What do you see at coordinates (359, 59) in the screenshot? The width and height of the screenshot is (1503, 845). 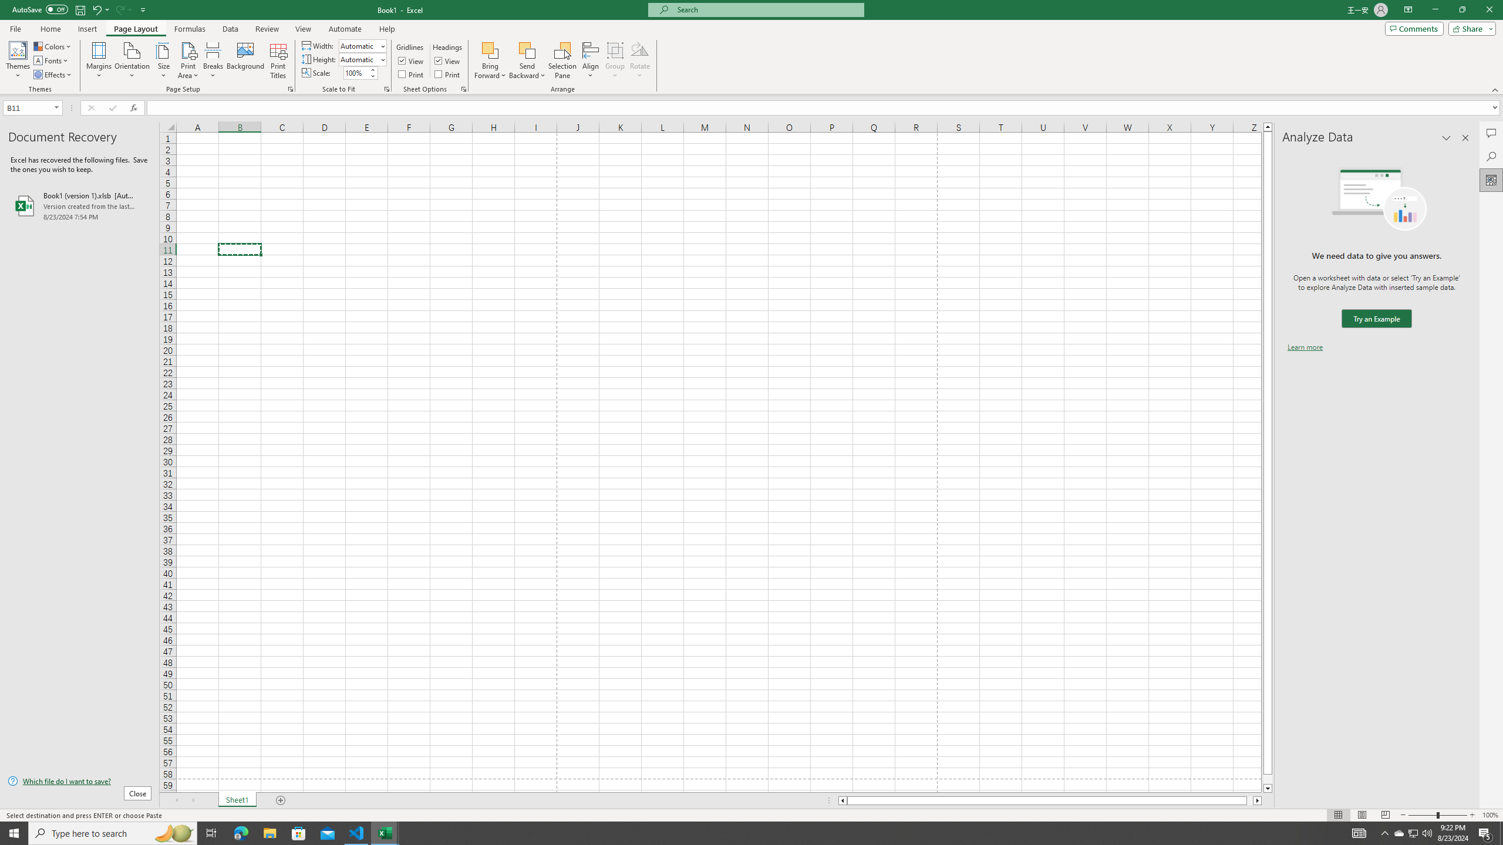 I see `'Height'` at bounding box center [359, 59].